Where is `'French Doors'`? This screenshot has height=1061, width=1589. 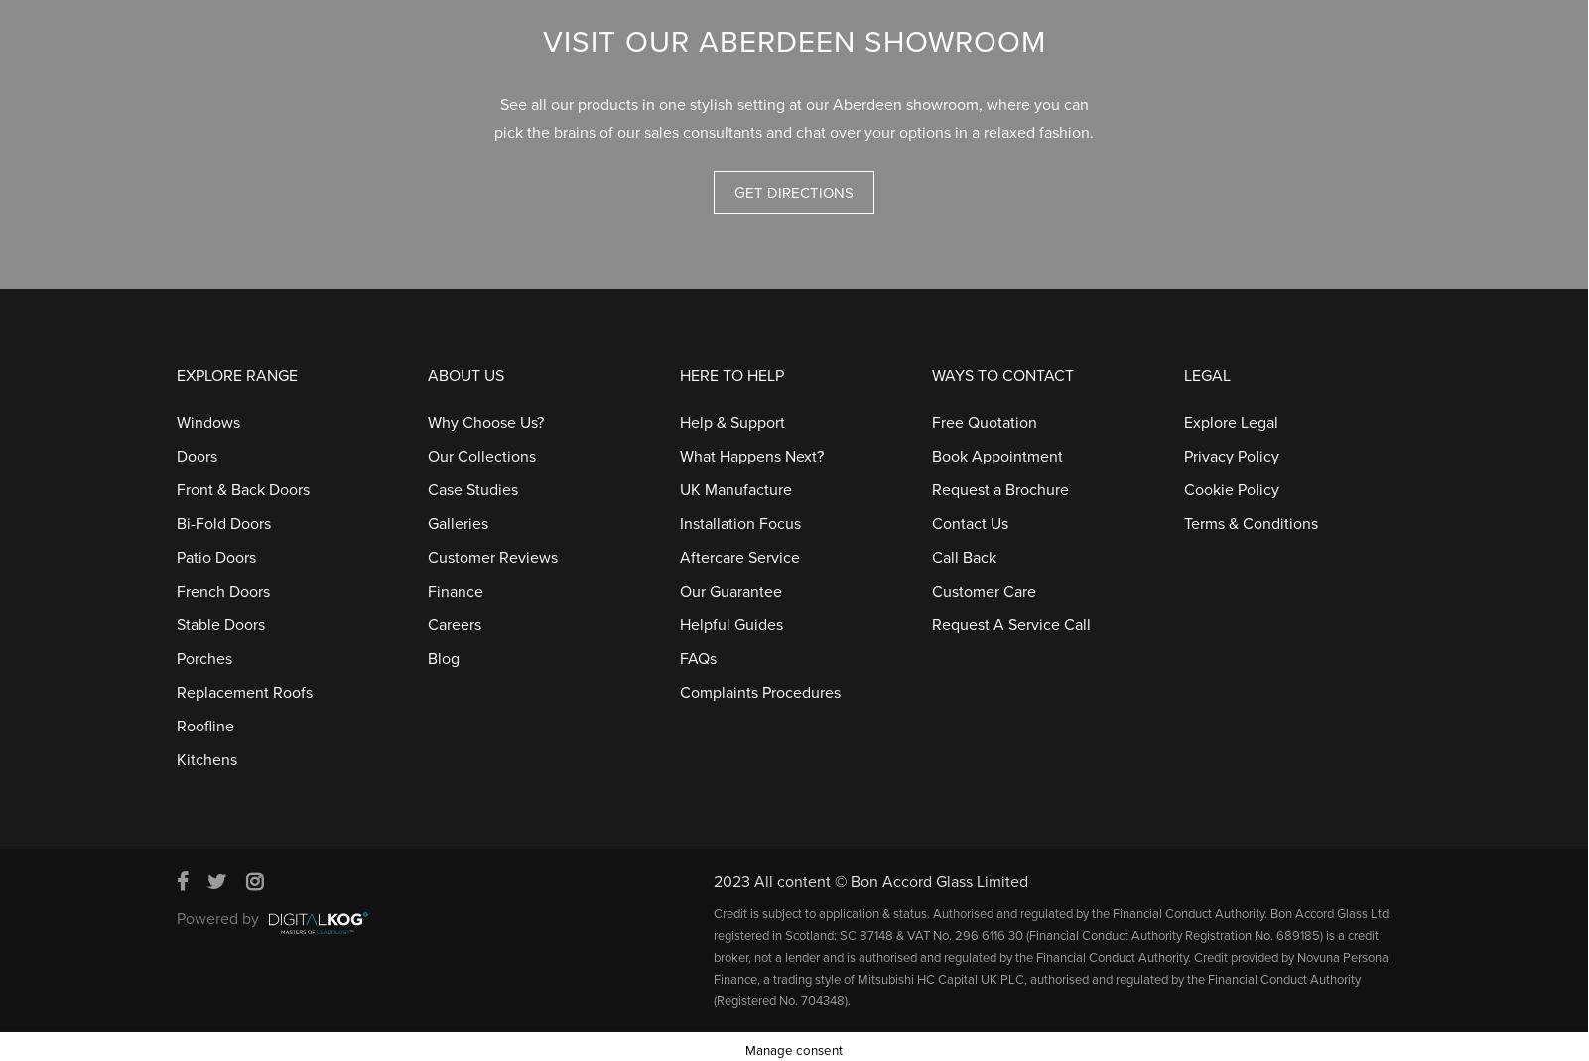
'French Doors' is located at coordinates (221, 582).